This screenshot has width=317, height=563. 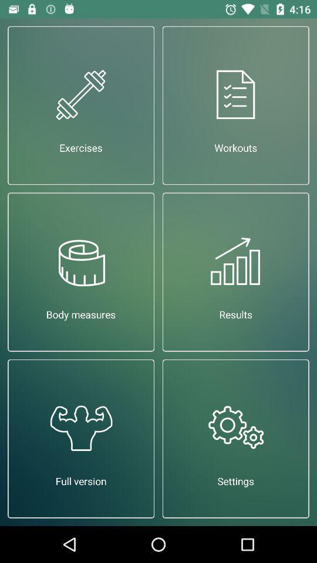 I want to click on exercises at the top left corner, so click(x=80, y=104).